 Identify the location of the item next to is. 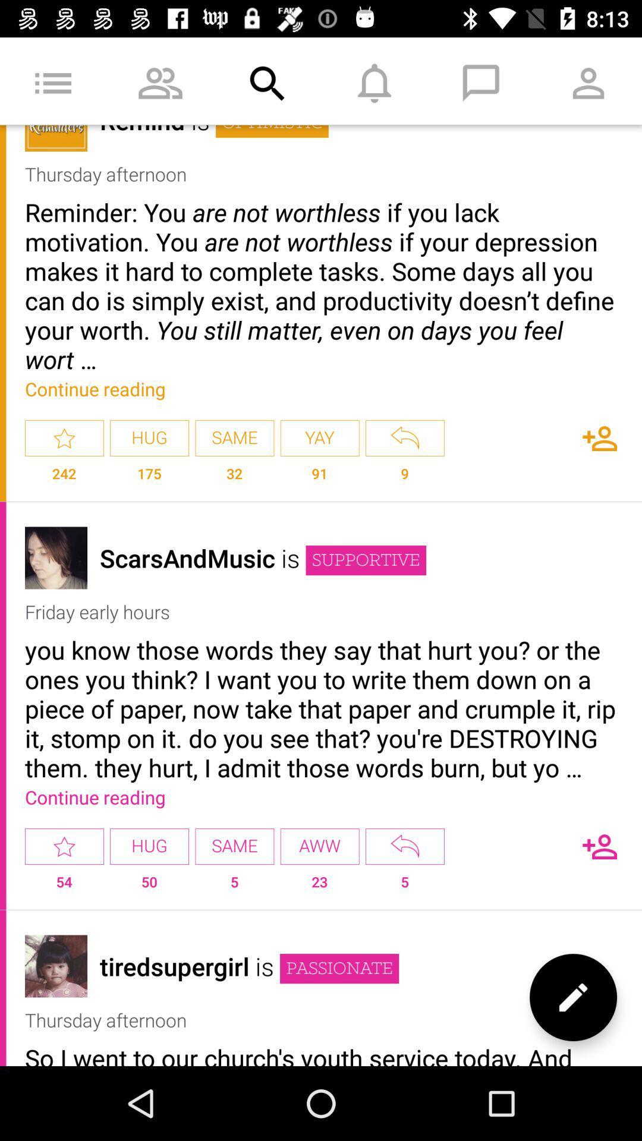
(187, 557).